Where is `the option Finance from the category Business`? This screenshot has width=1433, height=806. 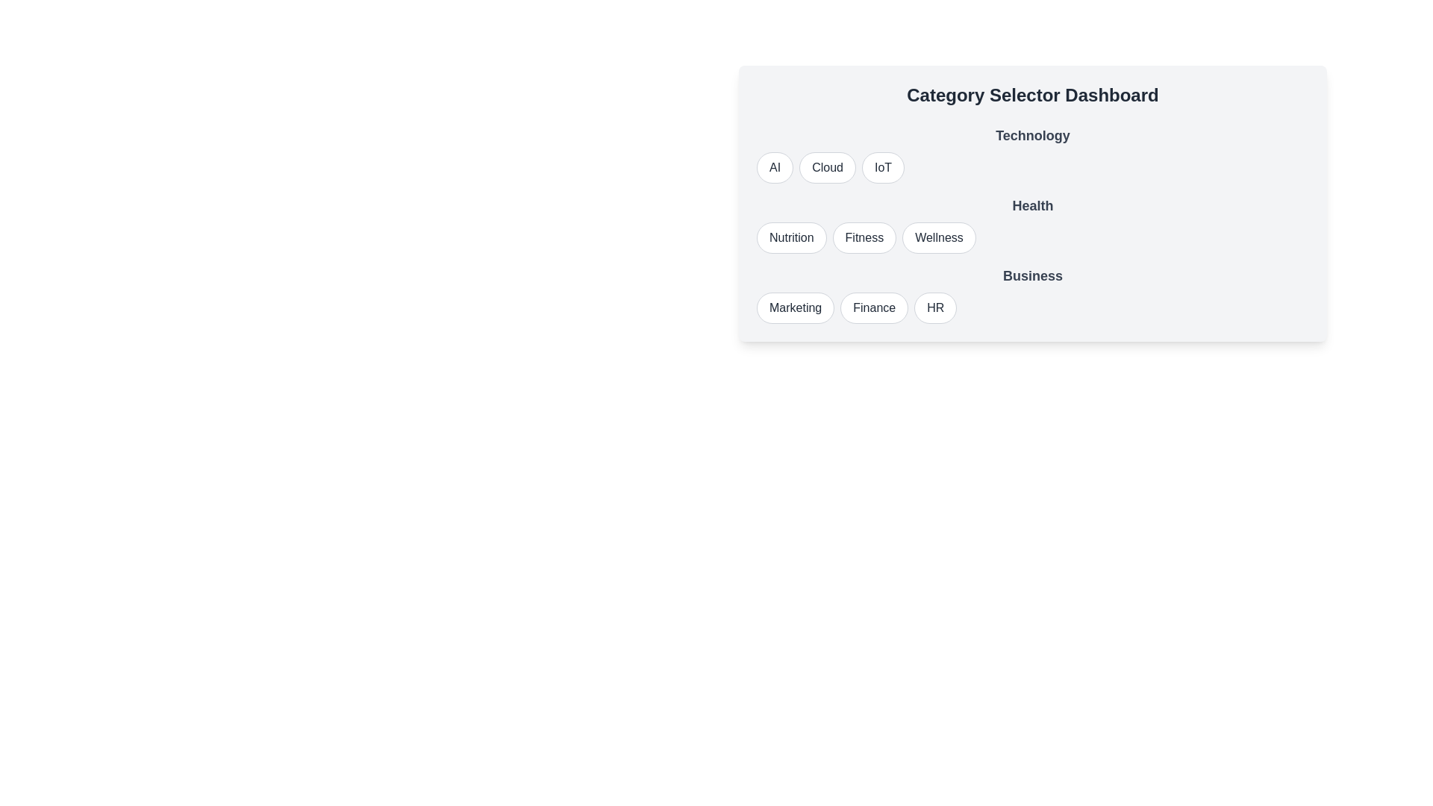 the option Finance from the category Business is located at coordinates (874, 307).